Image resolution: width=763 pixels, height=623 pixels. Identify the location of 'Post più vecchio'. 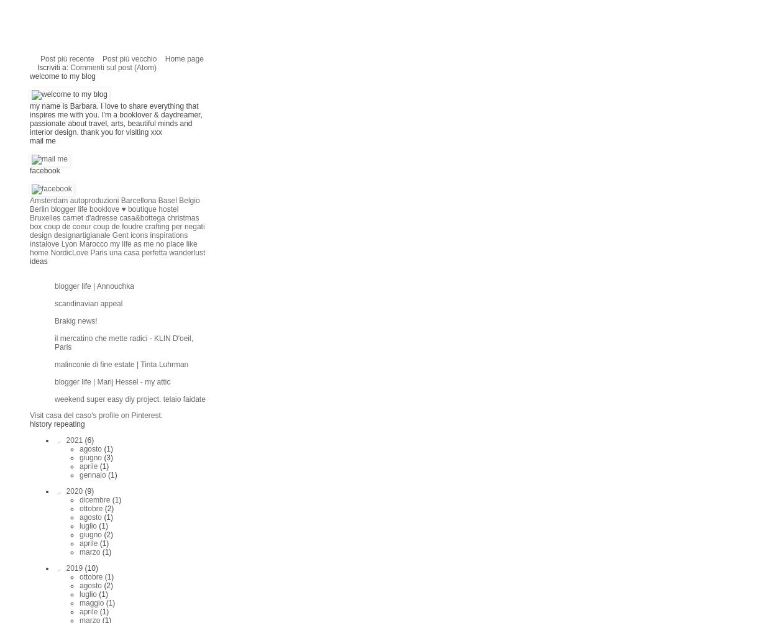
(102, 58).